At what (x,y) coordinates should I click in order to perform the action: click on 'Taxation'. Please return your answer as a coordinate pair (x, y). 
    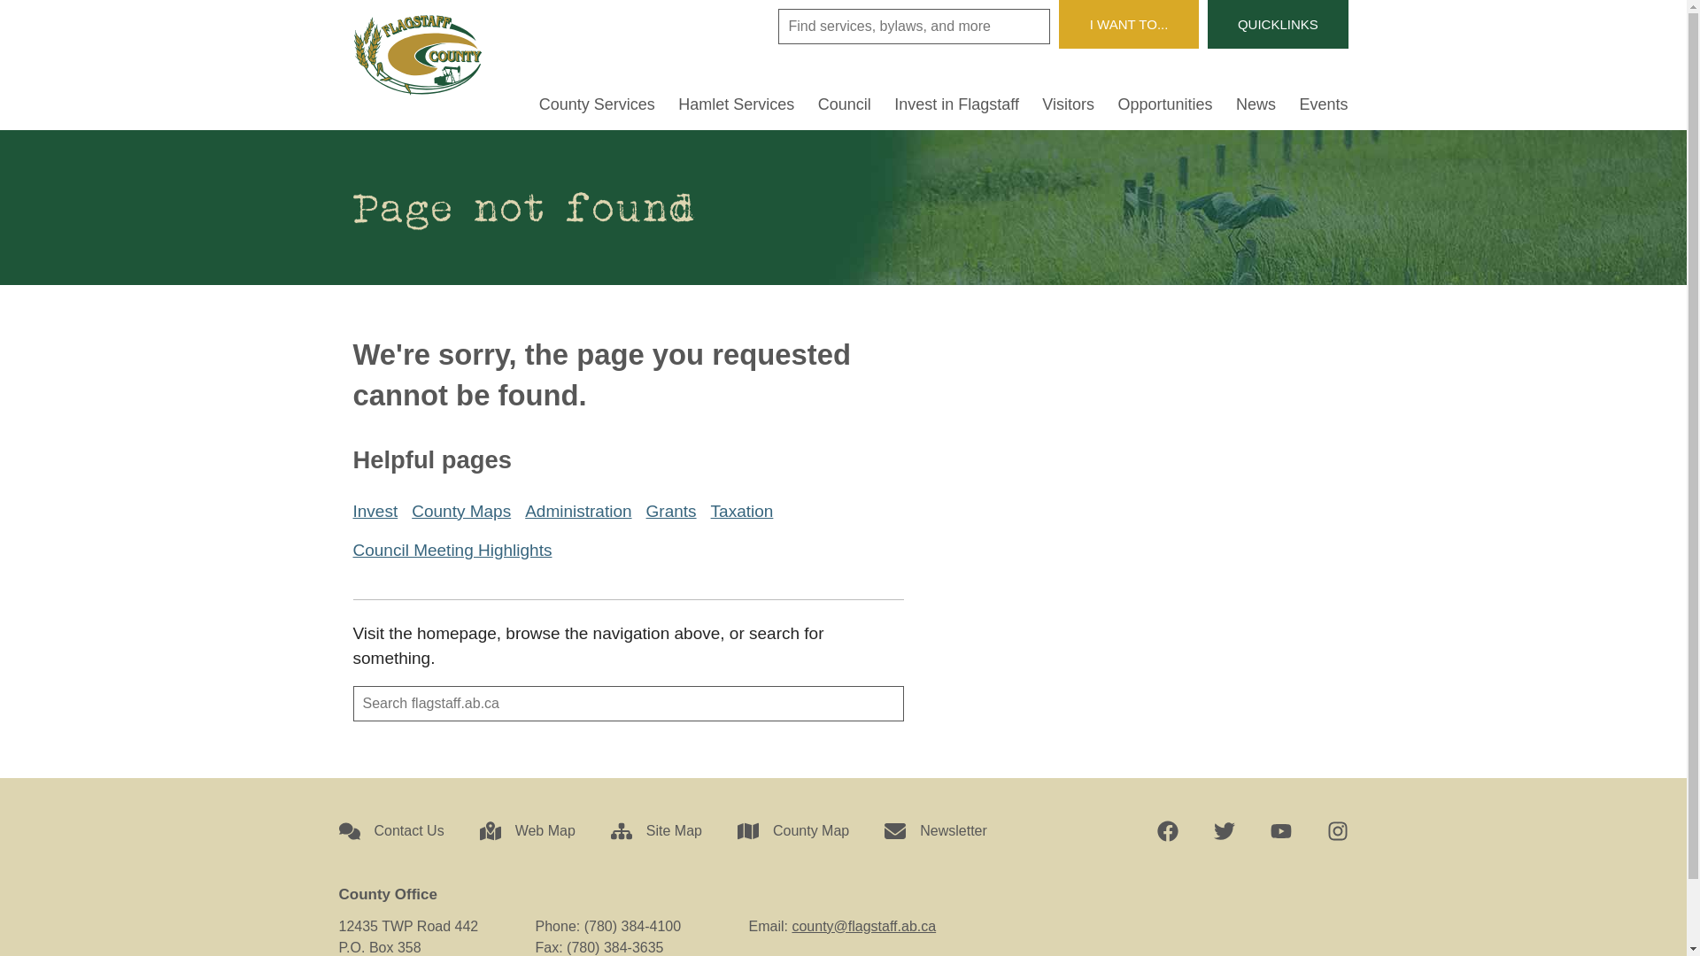
    Looking at the image, I should click on (742, 511).